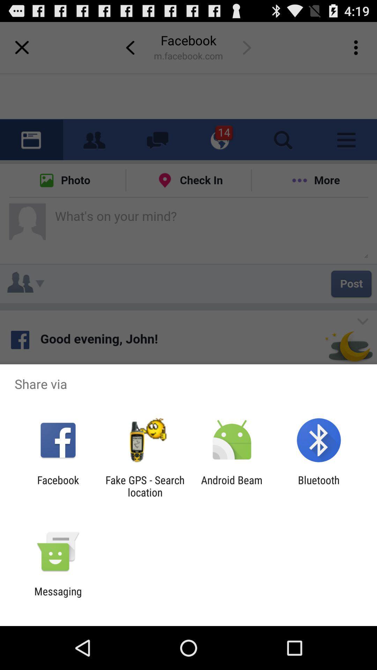  I want to click on item next to facebook icon, so click(145, 486).